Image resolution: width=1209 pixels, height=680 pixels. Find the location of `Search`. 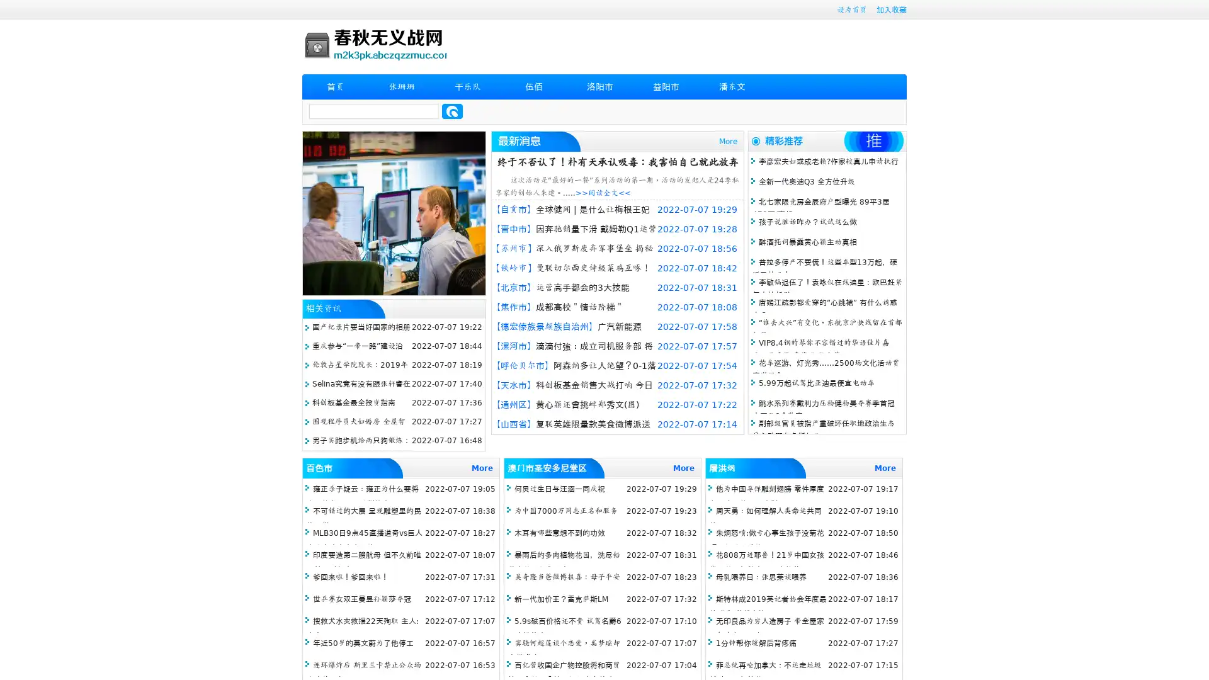

Search is located at coordinates (452, 111).